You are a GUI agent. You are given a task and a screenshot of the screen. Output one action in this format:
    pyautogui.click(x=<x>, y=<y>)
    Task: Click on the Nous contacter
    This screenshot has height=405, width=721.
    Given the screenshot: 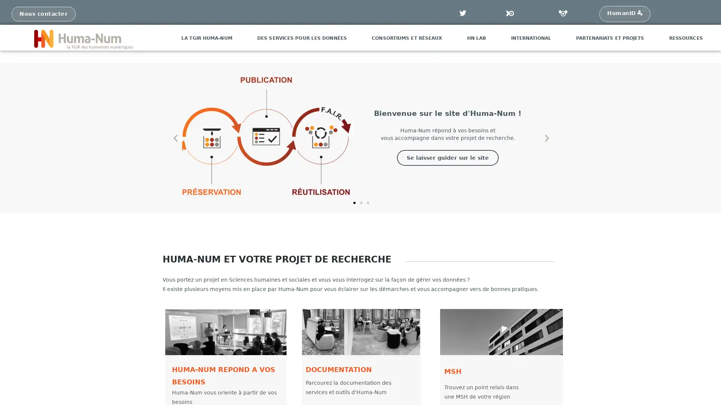 What is the action you would take?
    pyautogui.click(x=43, y=14)
    